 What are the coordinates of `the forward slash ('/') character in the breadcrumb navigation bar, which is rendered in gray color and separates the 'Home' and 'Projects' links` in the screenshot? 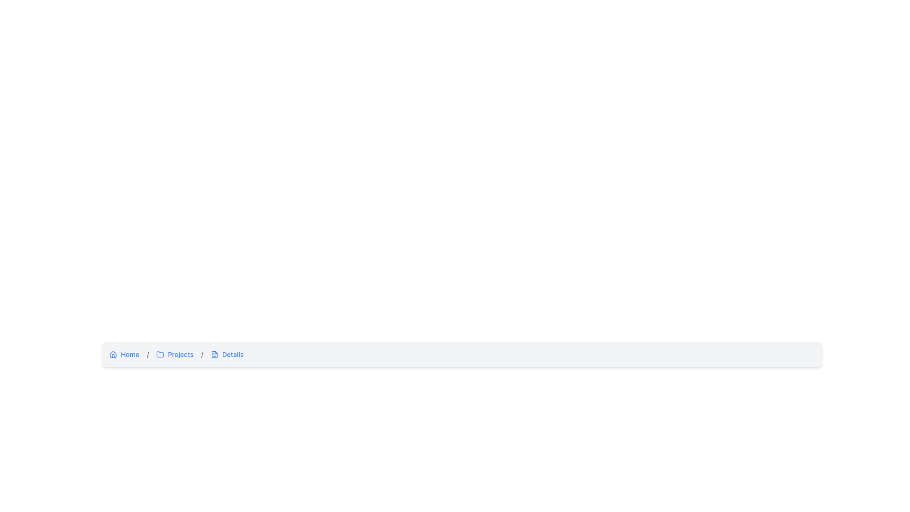 It's located at (201, 354).